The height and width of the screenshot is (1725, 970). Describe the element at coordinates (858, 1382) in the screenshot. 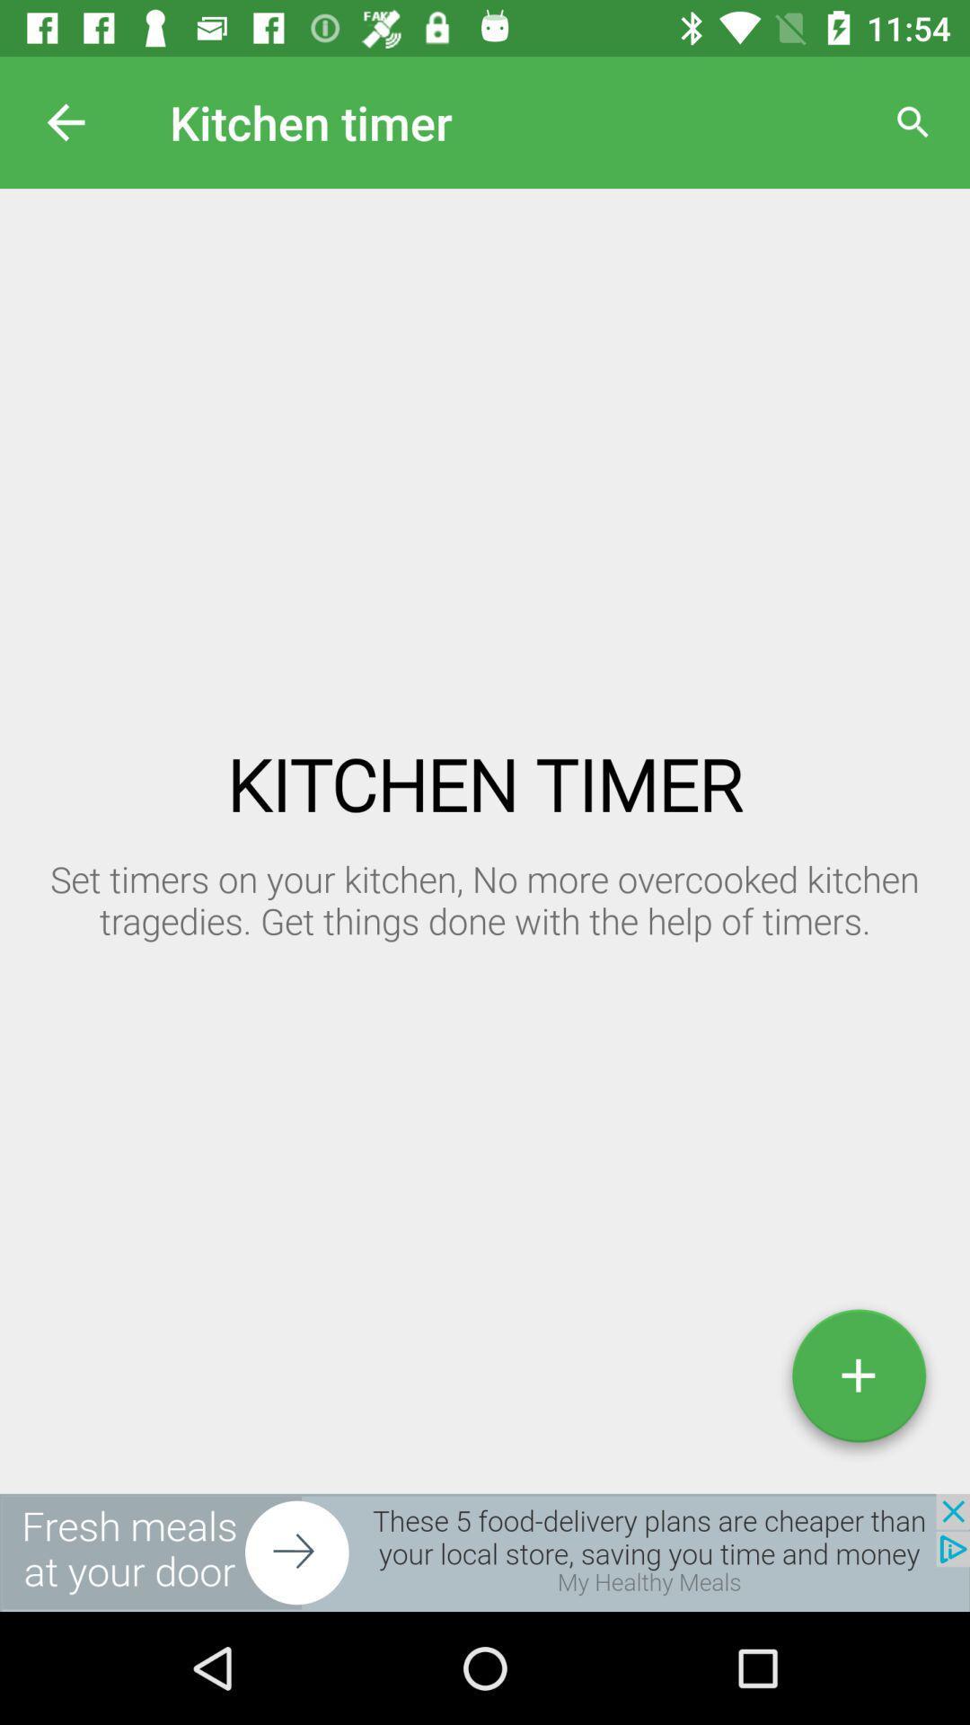

I see `the add icon` at that location.